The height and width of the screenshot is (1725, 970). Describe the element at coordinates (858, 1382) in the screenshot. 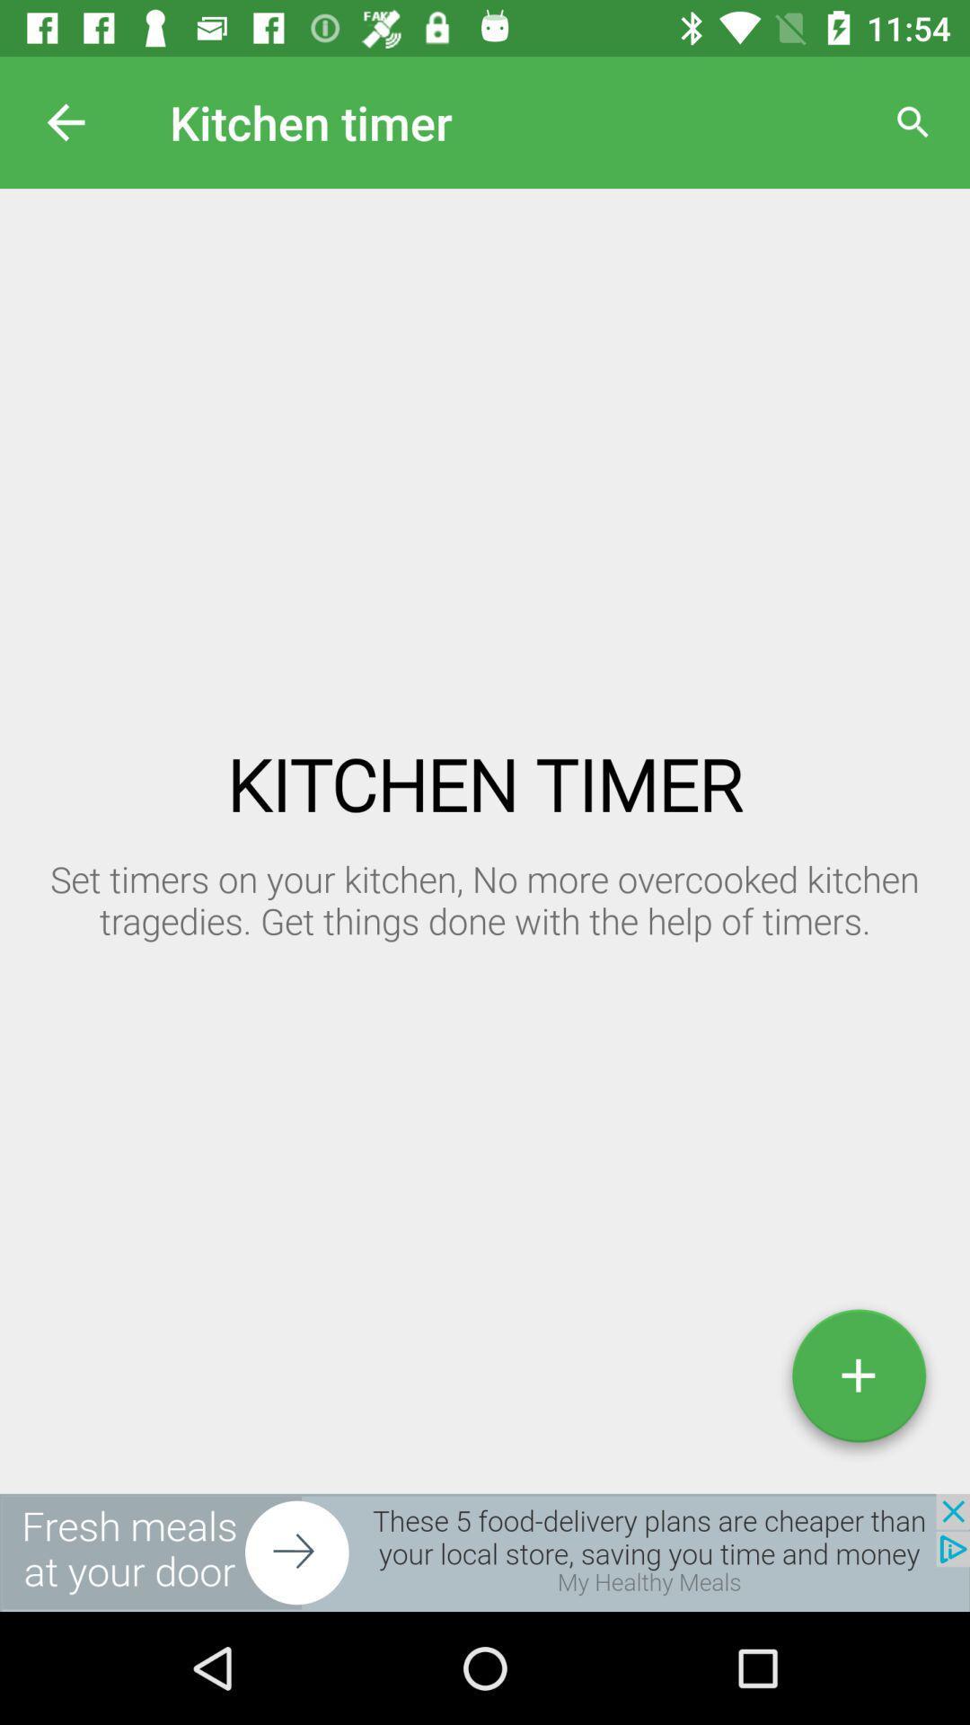

I see `the add icon` at that location.